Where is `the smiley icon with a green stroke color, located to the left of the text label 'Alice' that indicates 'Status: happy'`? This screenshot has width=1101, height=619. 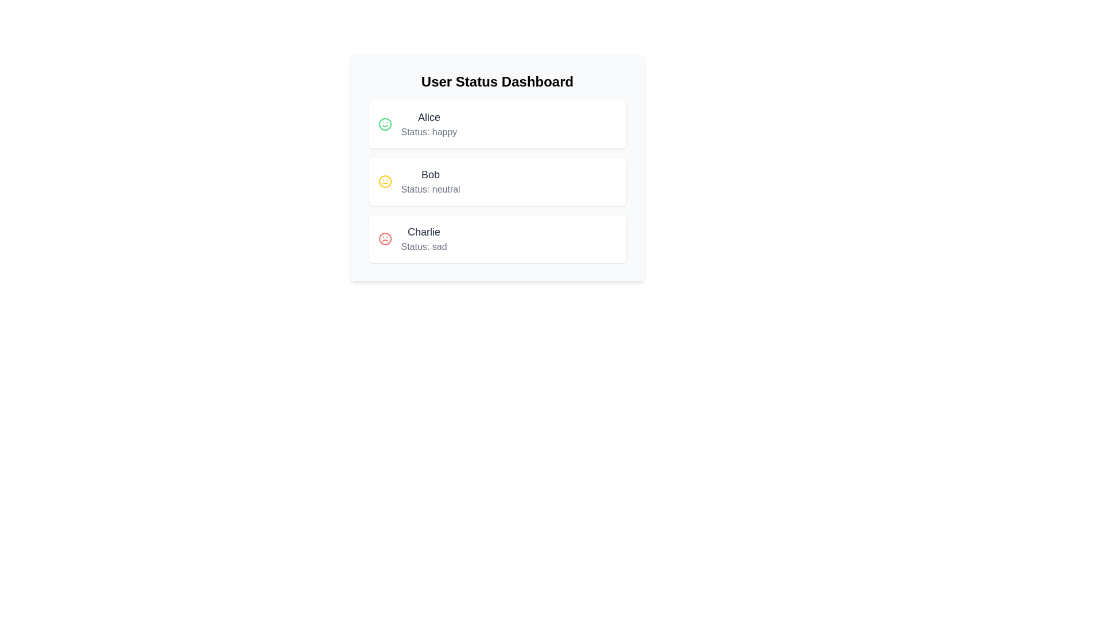 the smiley icon with a green stroke color, located to the left of the text label 'Alice' that indicates 'Status: happy' is located at coordinates (385, 124).